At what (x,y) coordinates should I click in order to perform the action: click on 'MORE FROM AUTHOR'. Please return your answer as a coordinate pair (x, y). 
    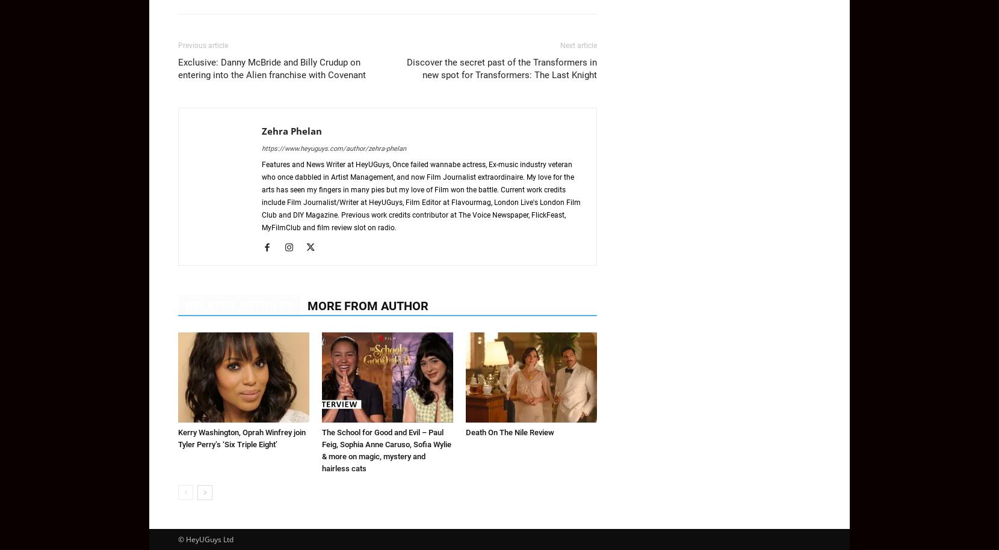
    Looking at the image, I should click on (306, 306).